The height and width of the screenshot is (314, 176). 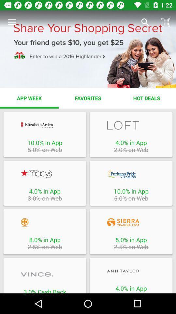 What do you see at coordinates (131, 271) in the screenshot?
I see `item` at bounding box center [131, 271].